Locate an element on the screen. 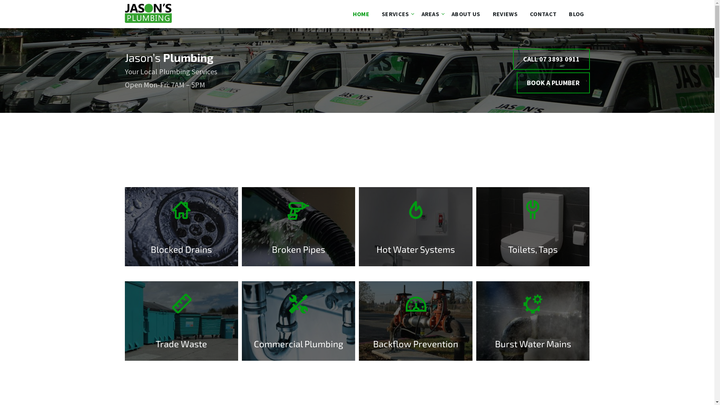 The width and height of the screenshot is (720, 405). 'CALL 07 3893 0911' is located at coordinates (551, 59).